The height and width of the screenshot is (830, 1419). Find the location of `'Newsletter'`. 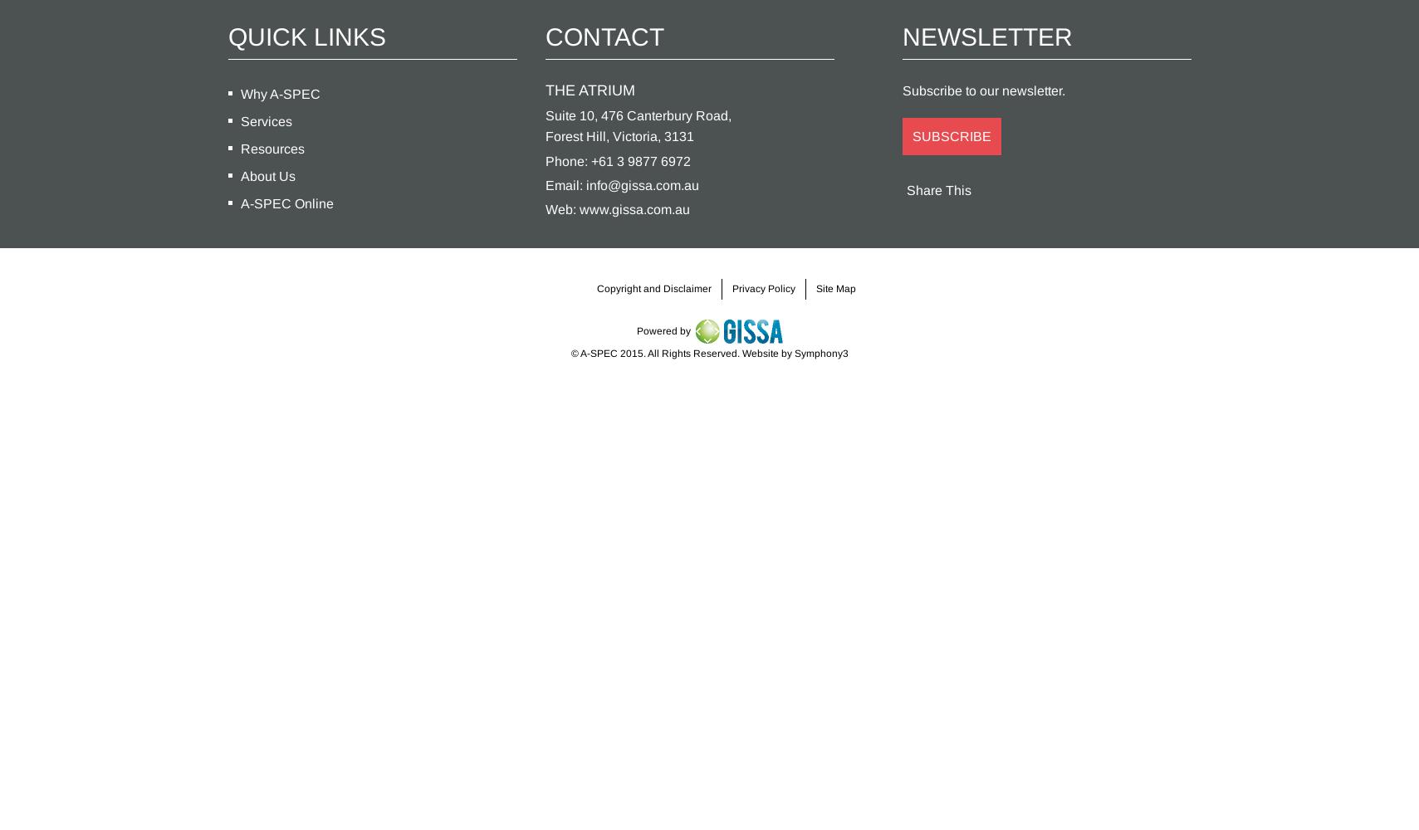

'Newsletter' is located at coordinates (986, 36).